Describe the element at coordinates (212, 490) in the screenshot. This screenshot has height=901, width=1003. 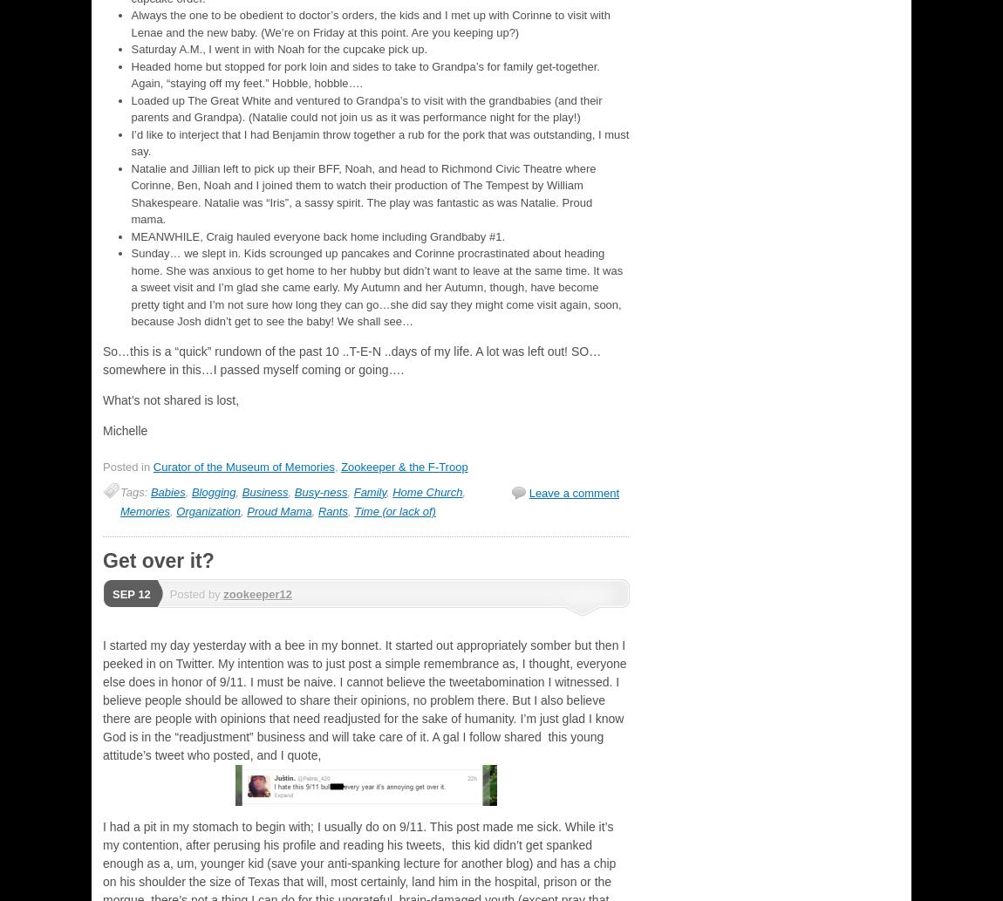
I see `'Blogging'` at that location.